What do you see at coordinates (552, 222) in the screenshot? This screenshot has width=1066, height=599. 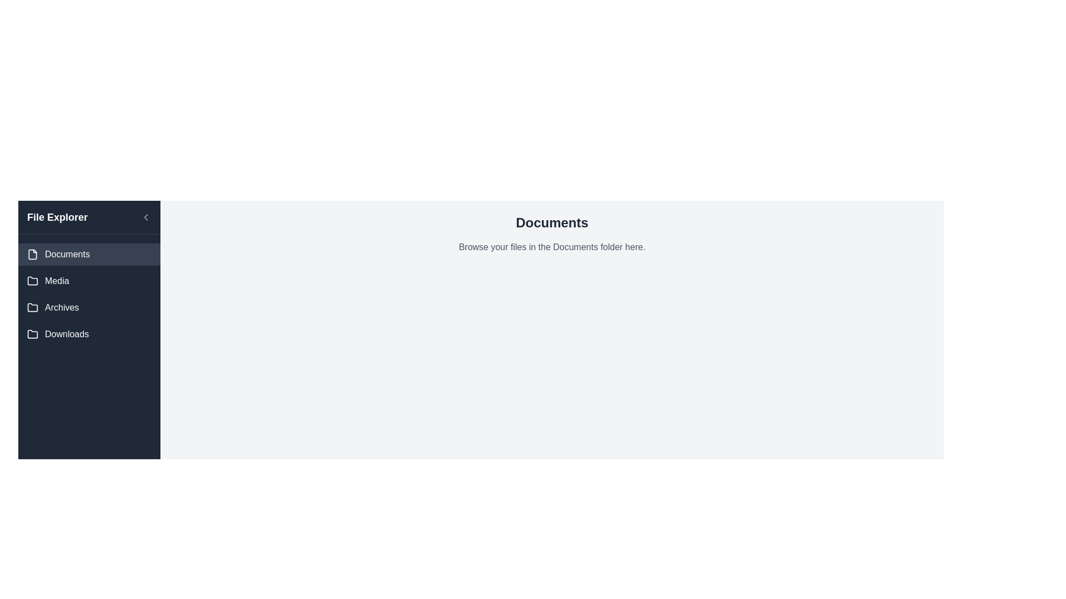 I see `the header text or title label indicating the current context or section related to 'Documents', which is positioned at the top center of the content area` at bounding box center [552, 222].